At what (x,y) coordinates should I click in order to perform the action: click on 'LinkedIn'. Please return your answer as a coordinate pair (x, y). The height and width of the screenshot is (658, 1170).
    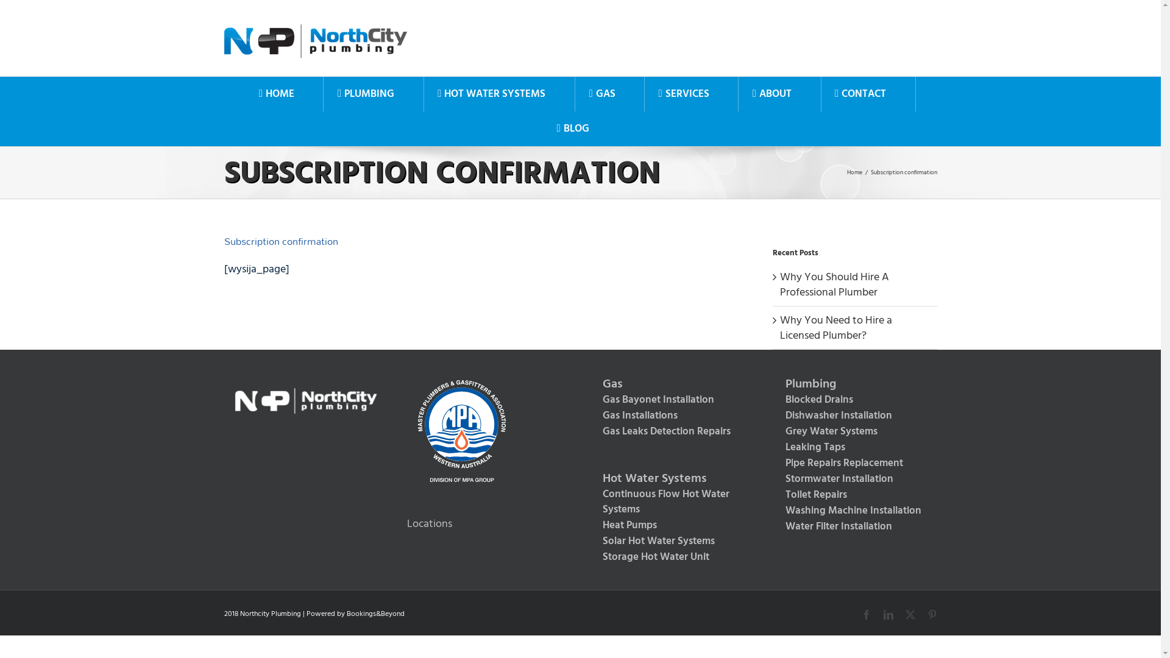
    Looking at the image, I should click on (888, 615).